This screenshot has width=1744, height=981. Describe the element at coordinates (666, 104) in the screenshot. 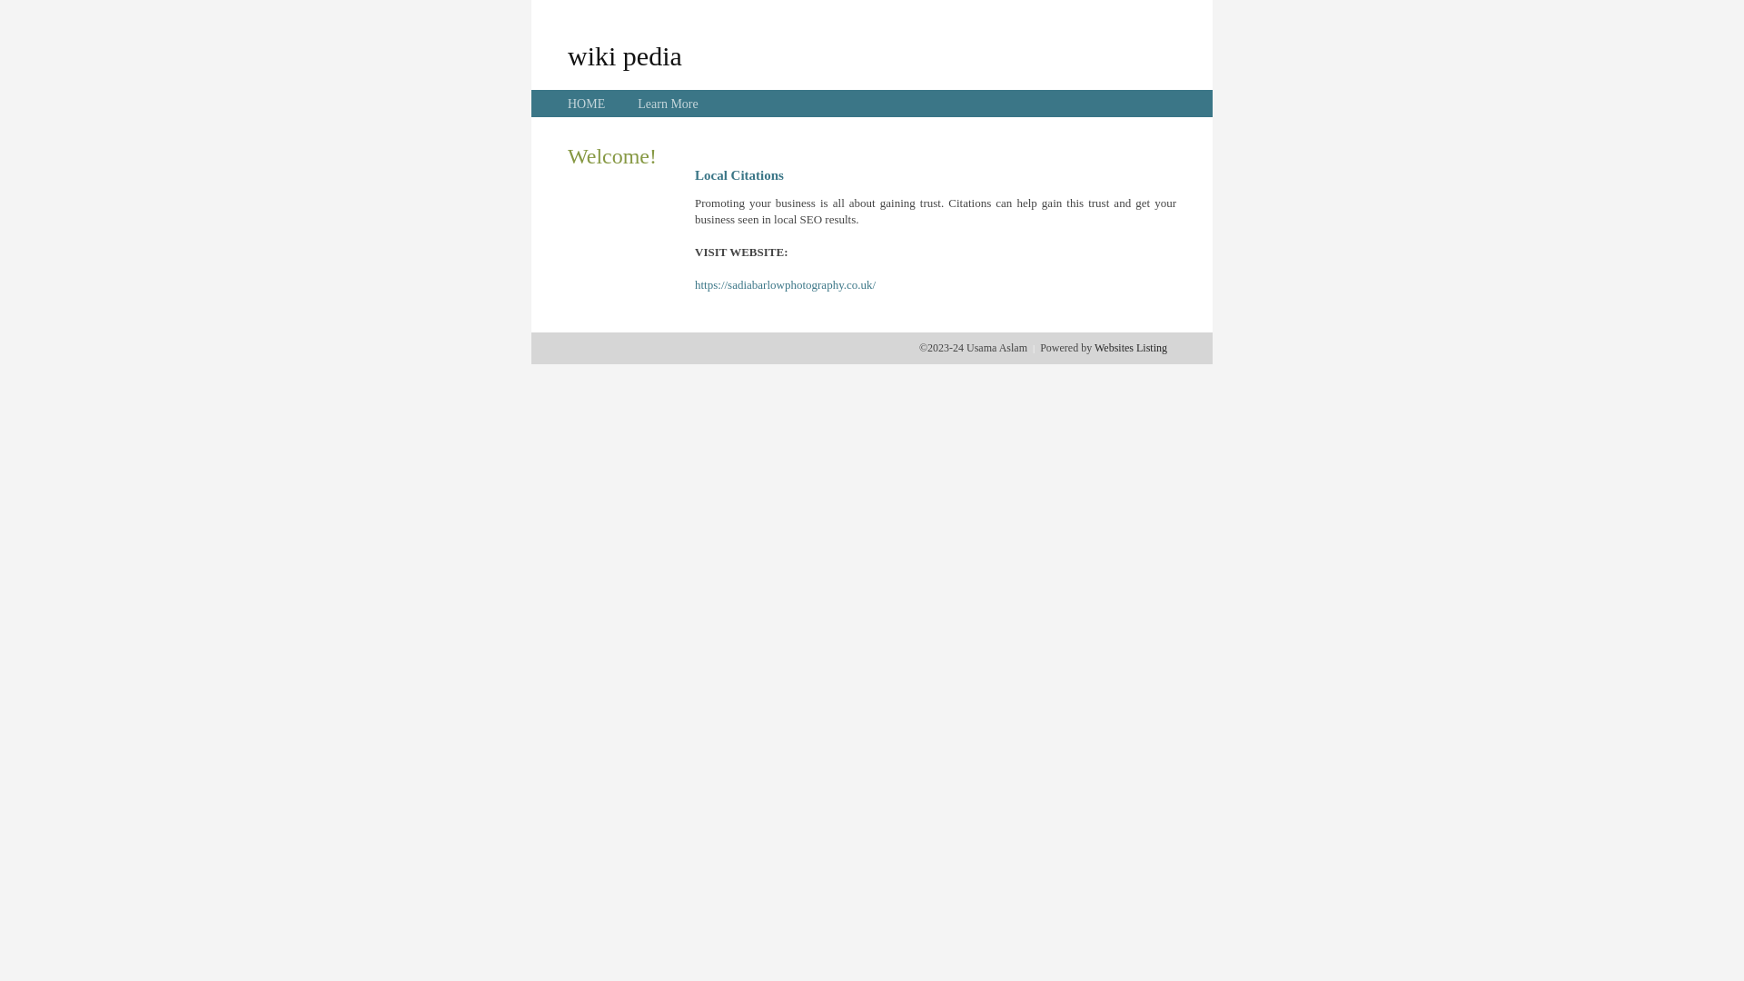

I see `'Learn More'` at that location.